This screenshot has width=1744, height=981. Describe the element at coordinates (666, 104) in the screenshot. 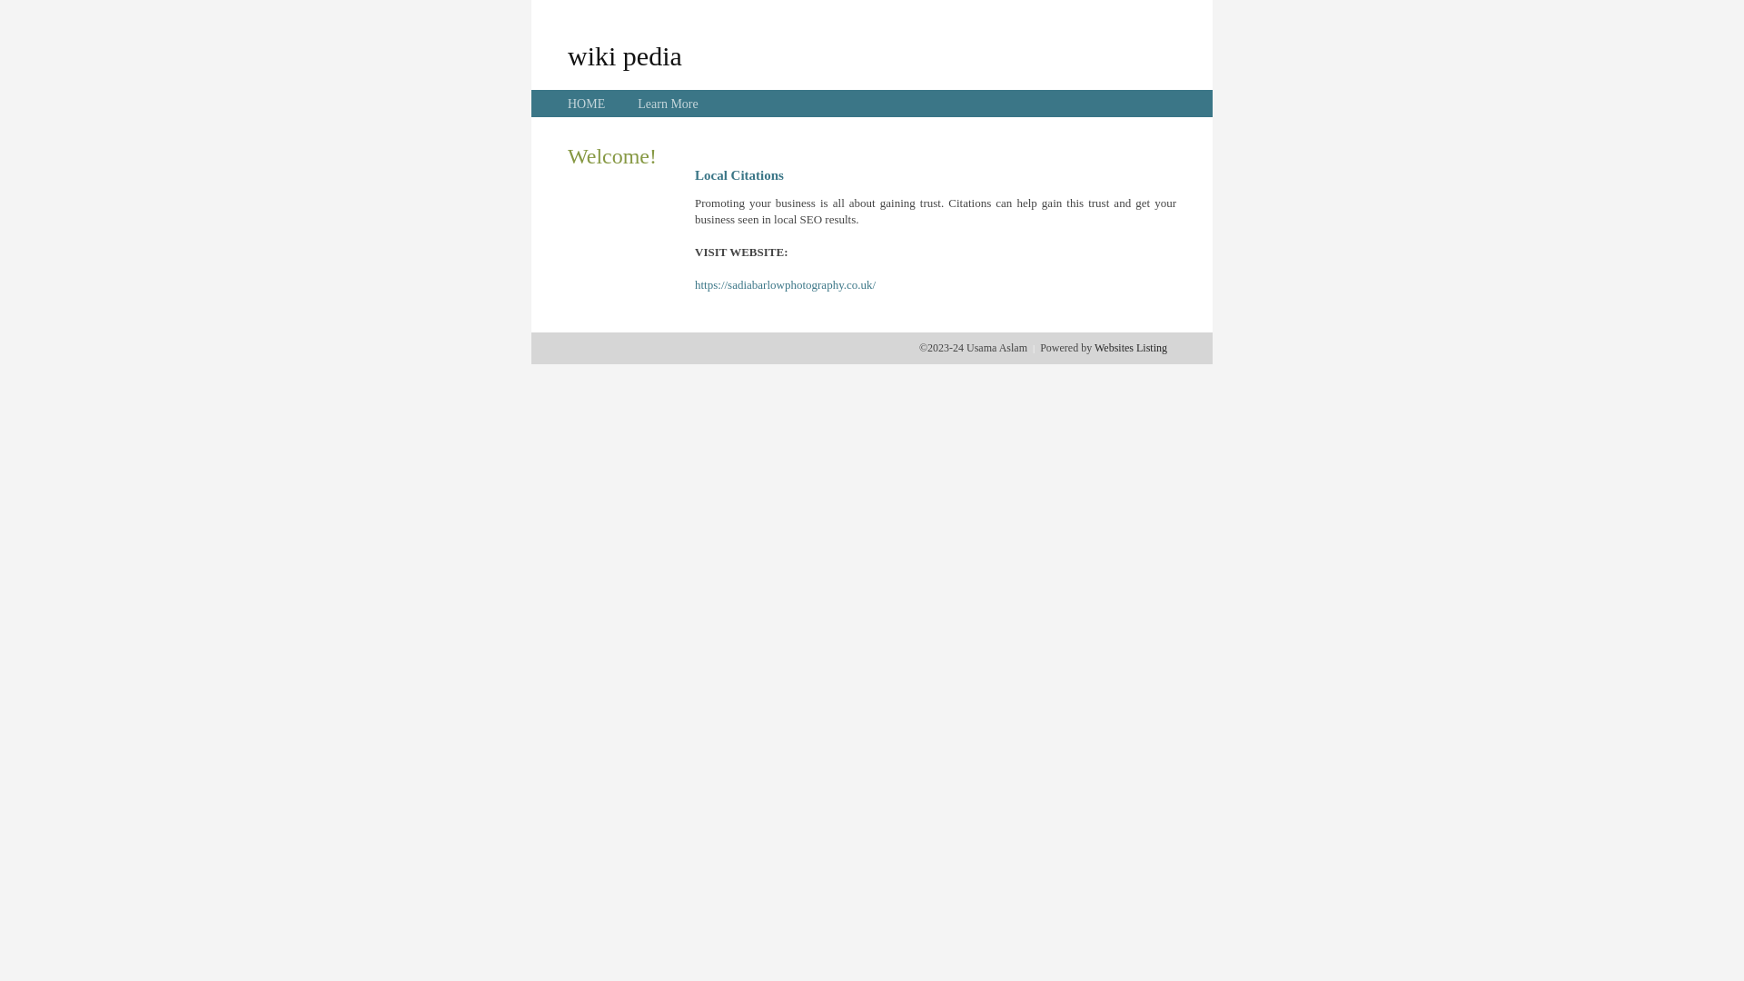

I see `'Learn More'` at that location.